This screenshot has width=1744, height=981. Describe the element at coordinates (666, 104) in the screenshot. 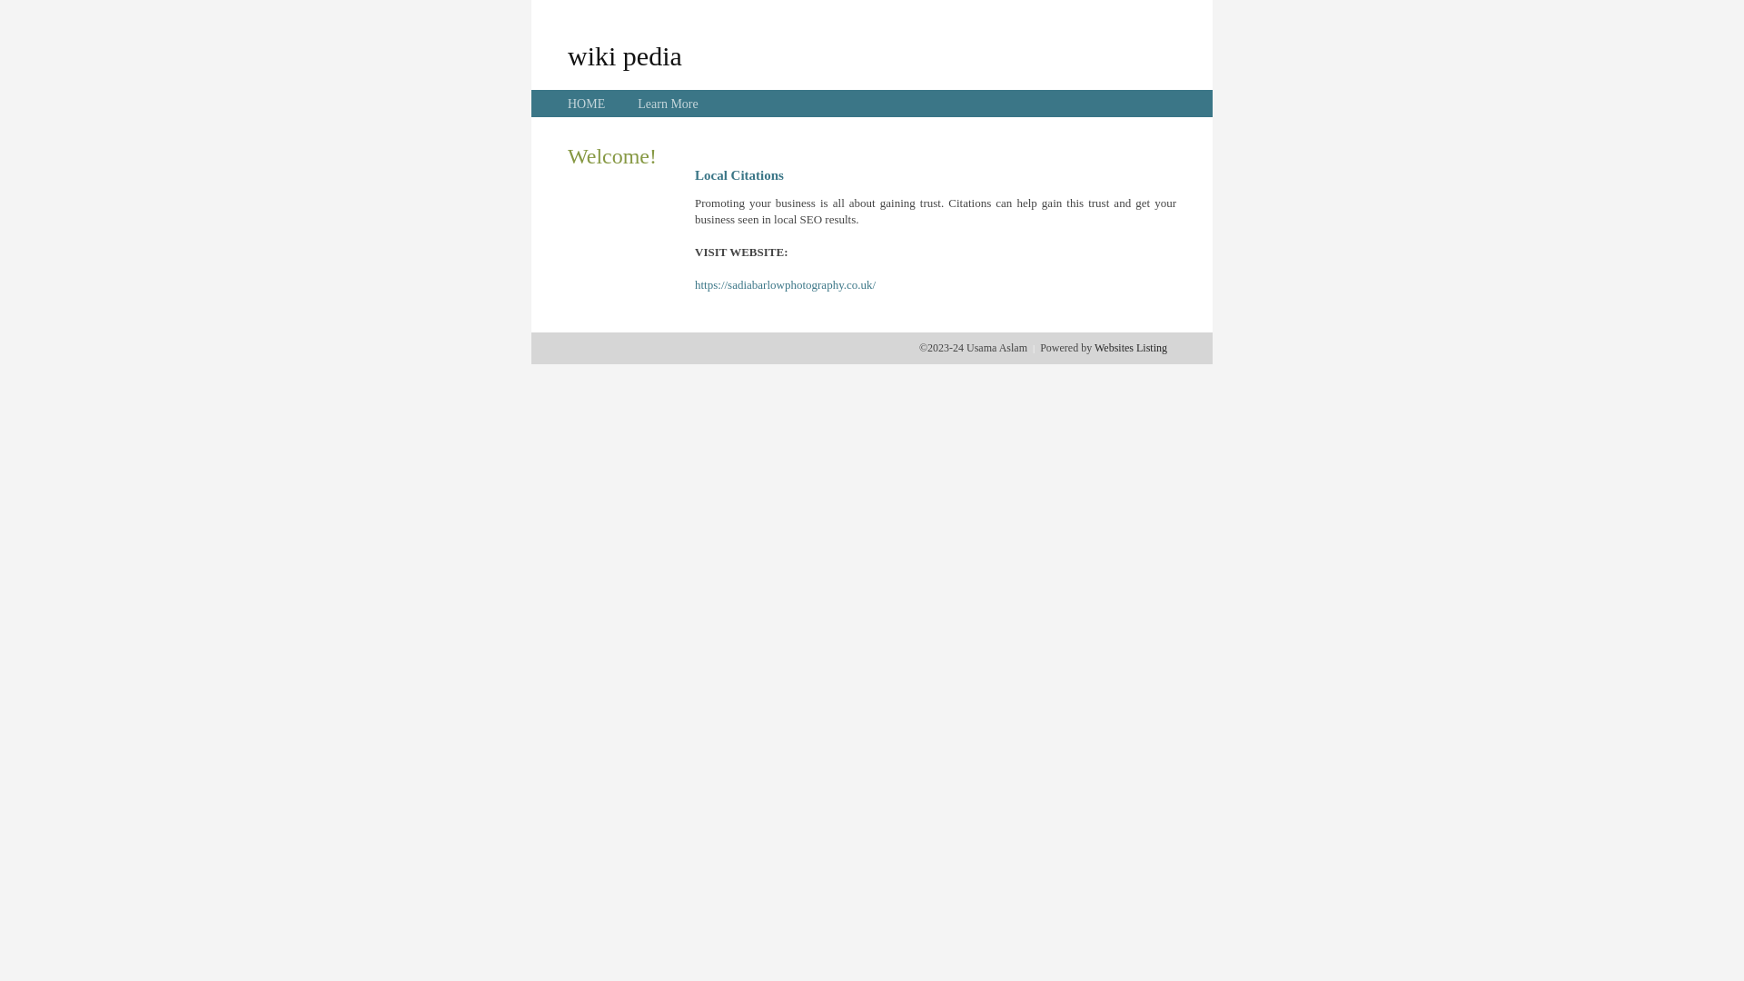

I see `'Learn More'` at that location.